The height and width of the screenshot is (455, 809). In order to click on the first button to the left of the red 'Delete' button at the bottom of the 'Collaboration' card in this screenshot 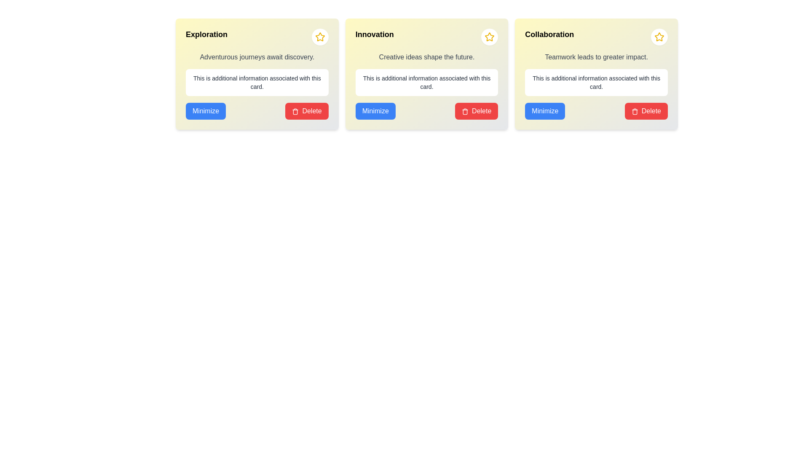, I will do `click(545, 110)`.